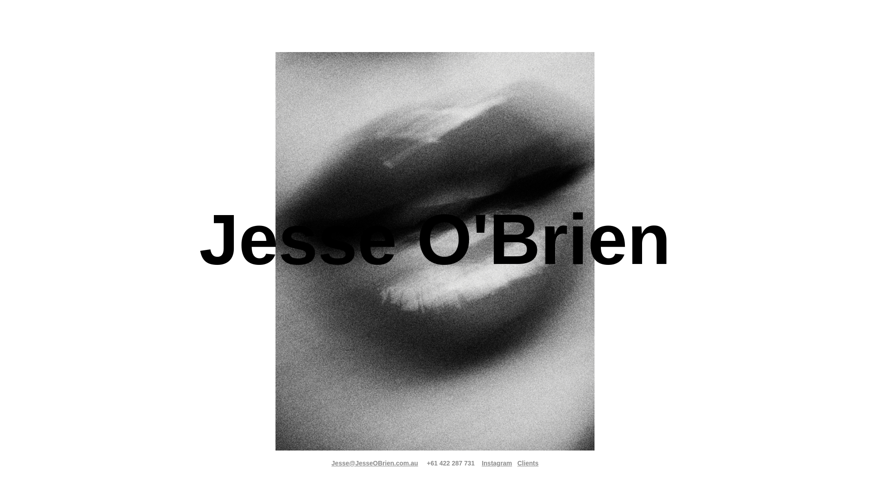 This screenshot has height=489, width=870. What do you see at coordinates (375, 463) in the screenshot?
I see `'Jesse@JesseOBrien.com.au'` at bounding box center [375, 463].